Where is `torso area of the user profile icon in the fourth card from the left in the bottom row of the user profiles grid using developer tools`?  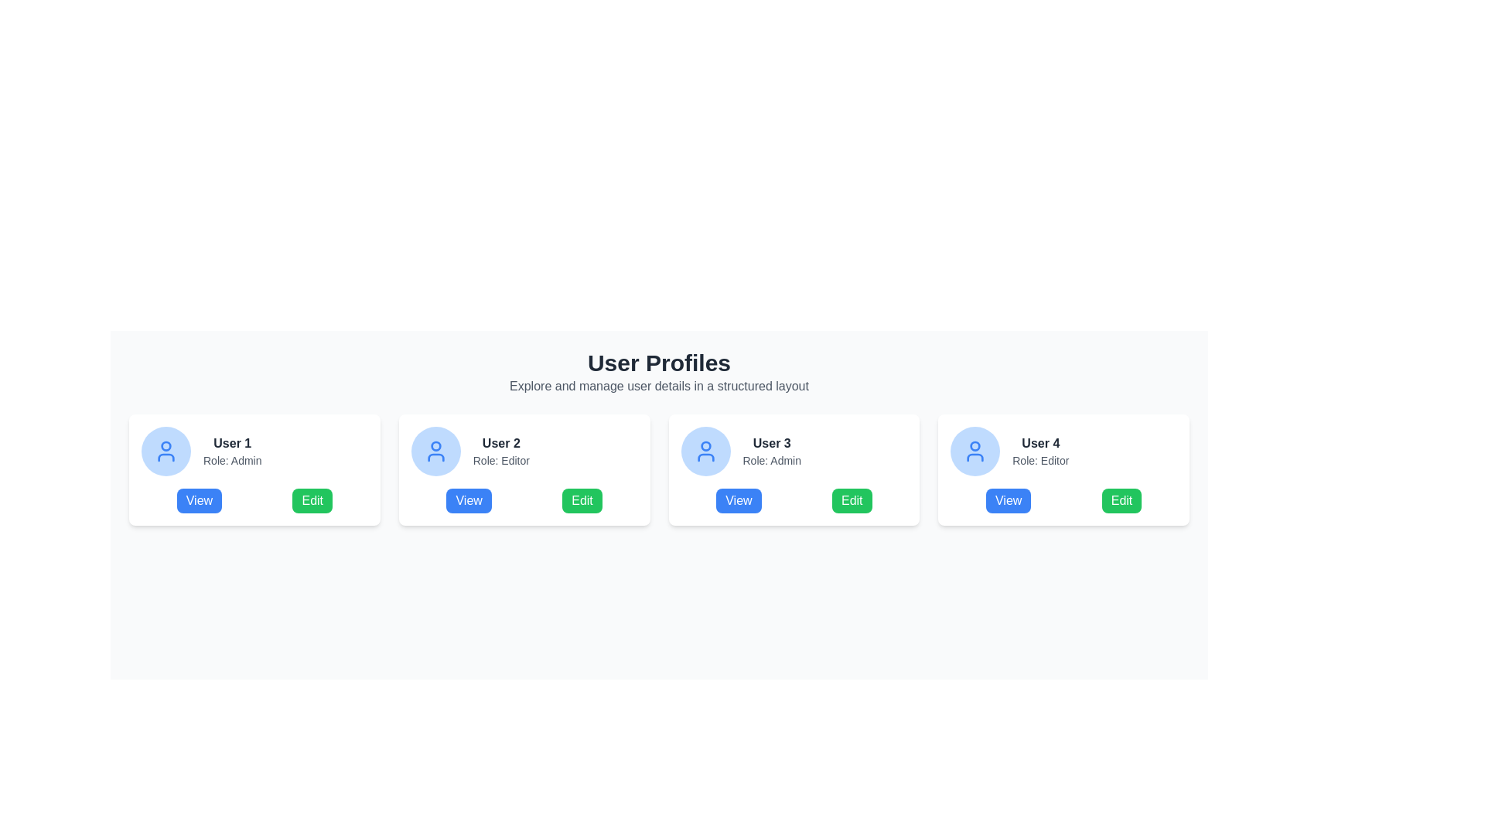 torso area of the user profile icon in the fourth card from the left in the bottom row of the user profiles grid using developer tools is located at coordinates (975, 456).